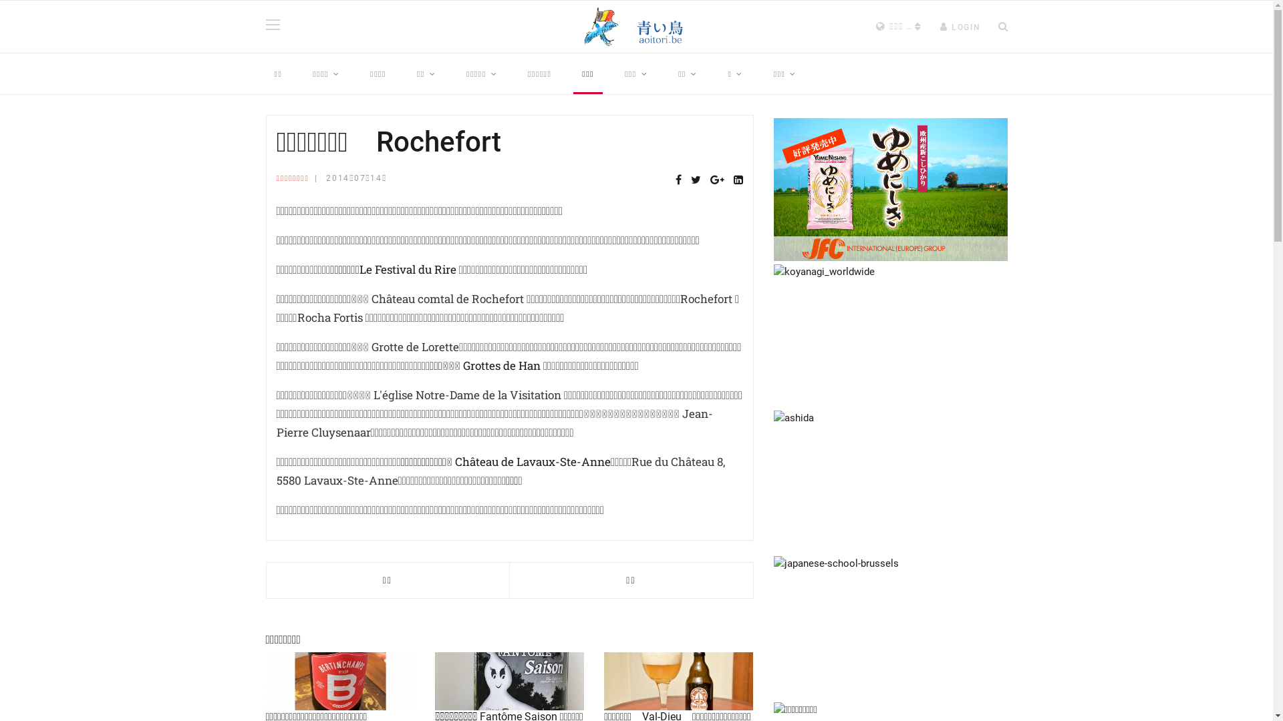 The width and height of the screenshot is (1283, 721). What do you see at coordinates (891, 628) in the screenshot?
I see `'Japanese School Brussels'` at bounding box center [891, 628].